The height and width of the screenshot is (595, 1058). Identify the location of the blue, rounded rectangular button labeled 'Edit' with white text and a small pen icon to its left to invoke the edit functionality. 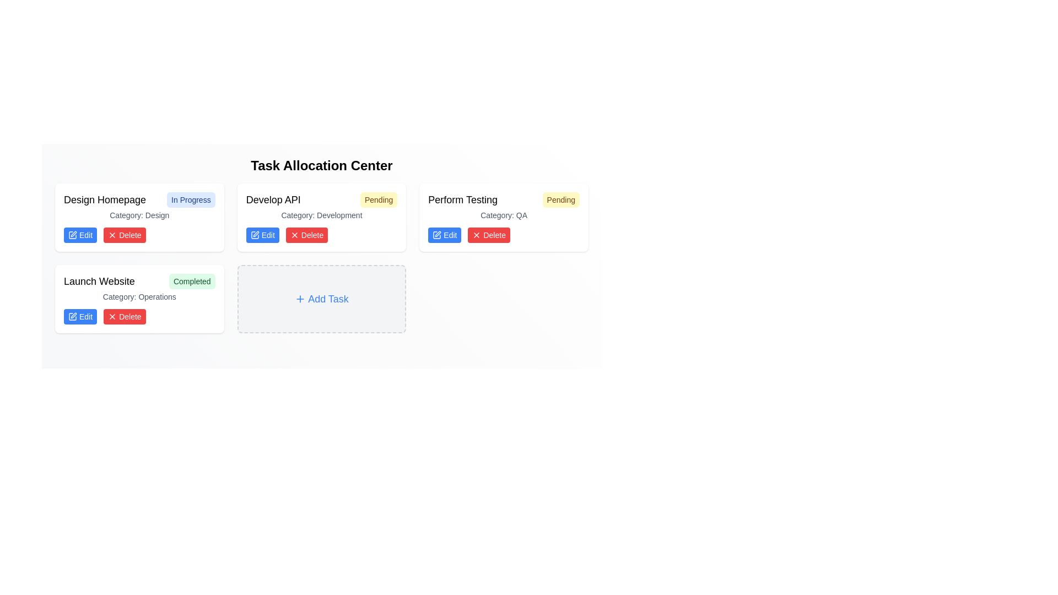
(262, 235).